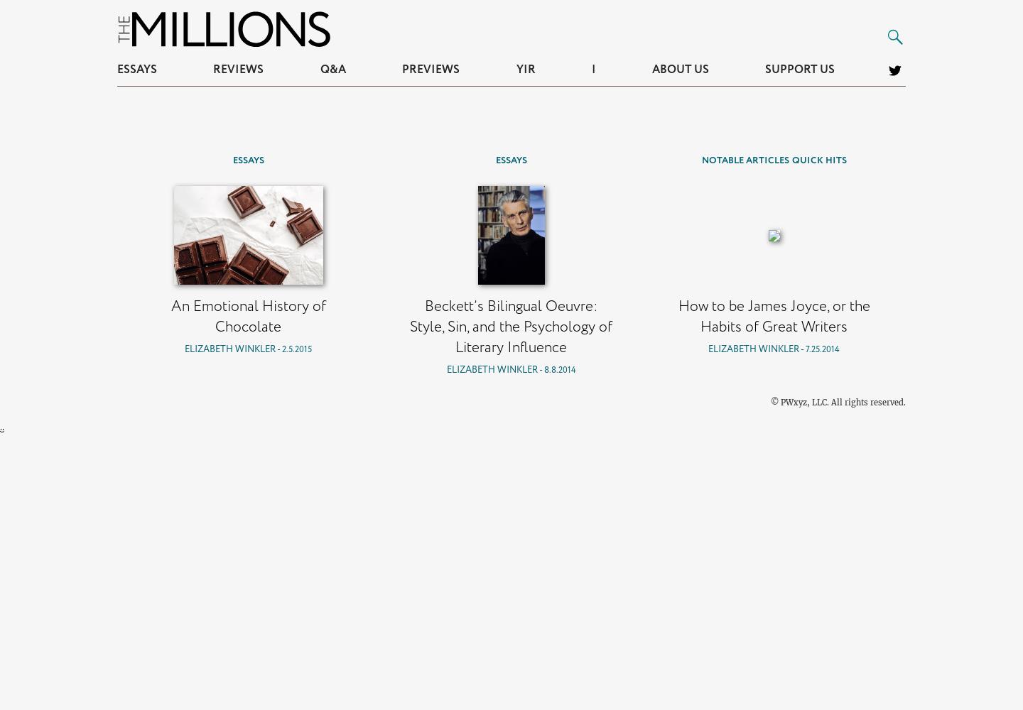 The image size is (1023, 710). What do you see at coordinates (838, 402) in the screenshot?
I see `'© PWxyz, LLC. All rights reserved.'` at bounding box center [838, 402].